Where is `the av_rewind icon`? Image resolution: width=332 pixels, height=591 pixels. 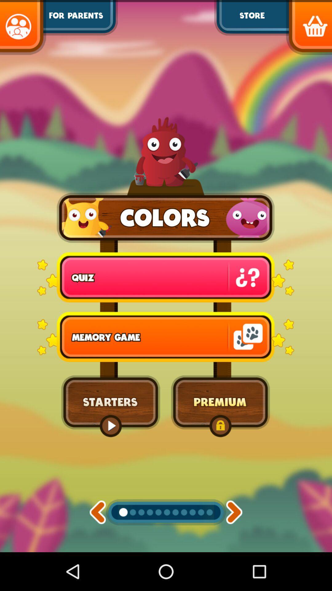 the av_rewind icon is located at coordinates (97, 548).